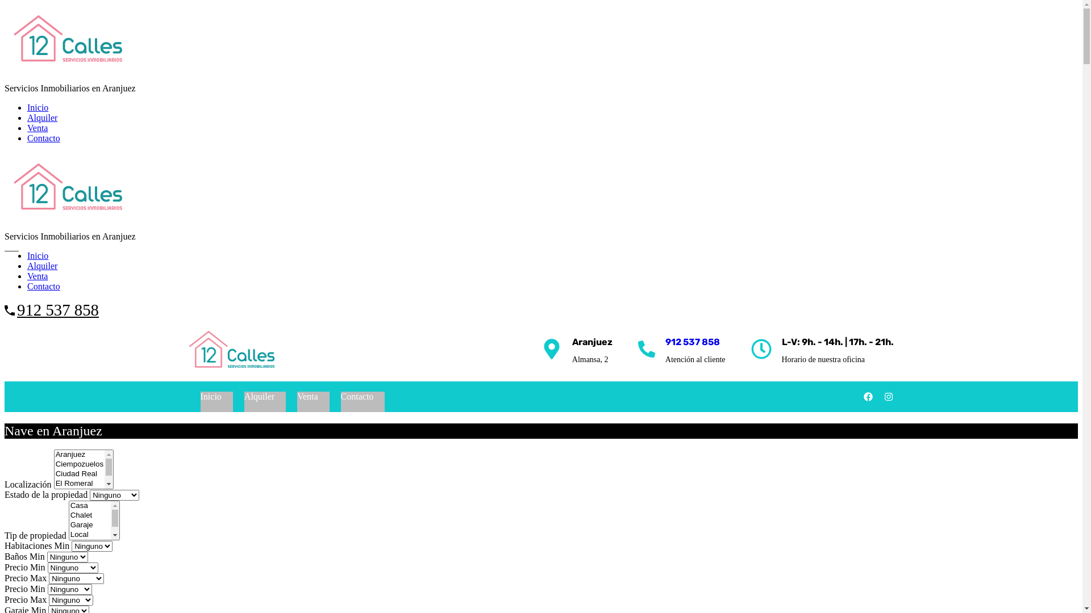 The image size is (1091, 613). I want to click on 'Contacto', so click(356, 396).